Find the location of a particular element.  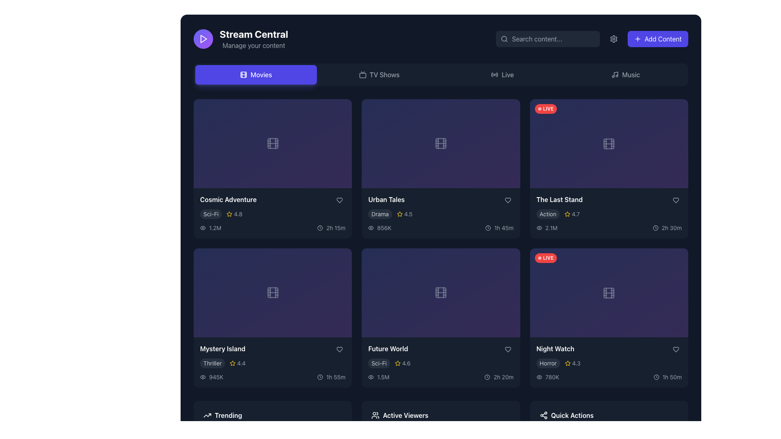

the label displaying the count of views or engagements for the Night Watch item, located in the bottom-right corner of the Night Watch section next to the eye symbol and preceding the duration '1h 50m.' is located at coordinates (548, 377).